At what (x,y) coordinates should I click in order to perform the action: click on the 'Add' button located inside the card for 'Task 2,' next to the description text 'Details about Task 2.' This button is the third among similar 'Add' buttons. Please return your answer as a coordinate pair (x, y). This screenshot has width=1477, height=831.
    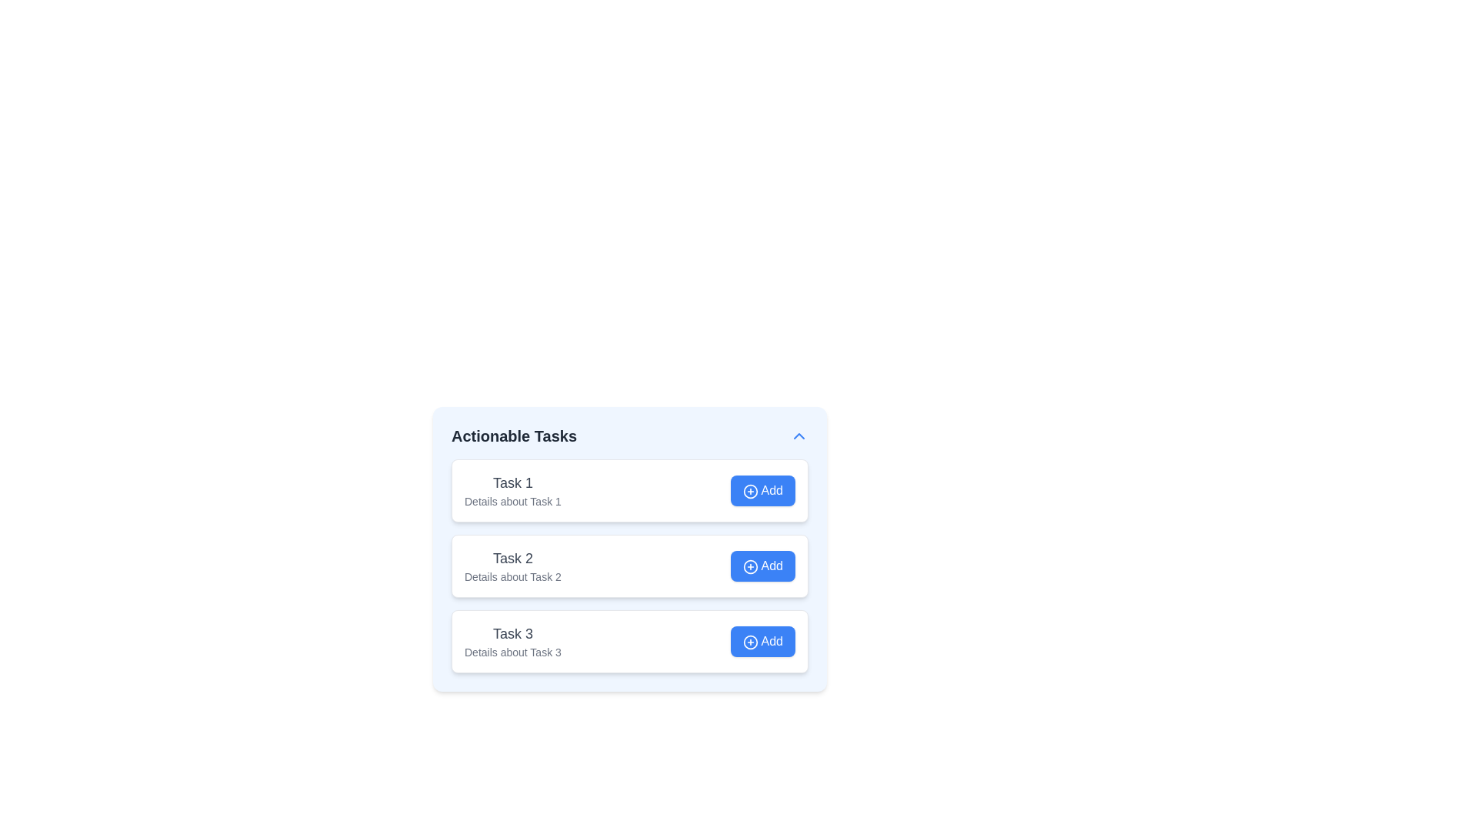
    Looking at the image, I should click on (763, 566).